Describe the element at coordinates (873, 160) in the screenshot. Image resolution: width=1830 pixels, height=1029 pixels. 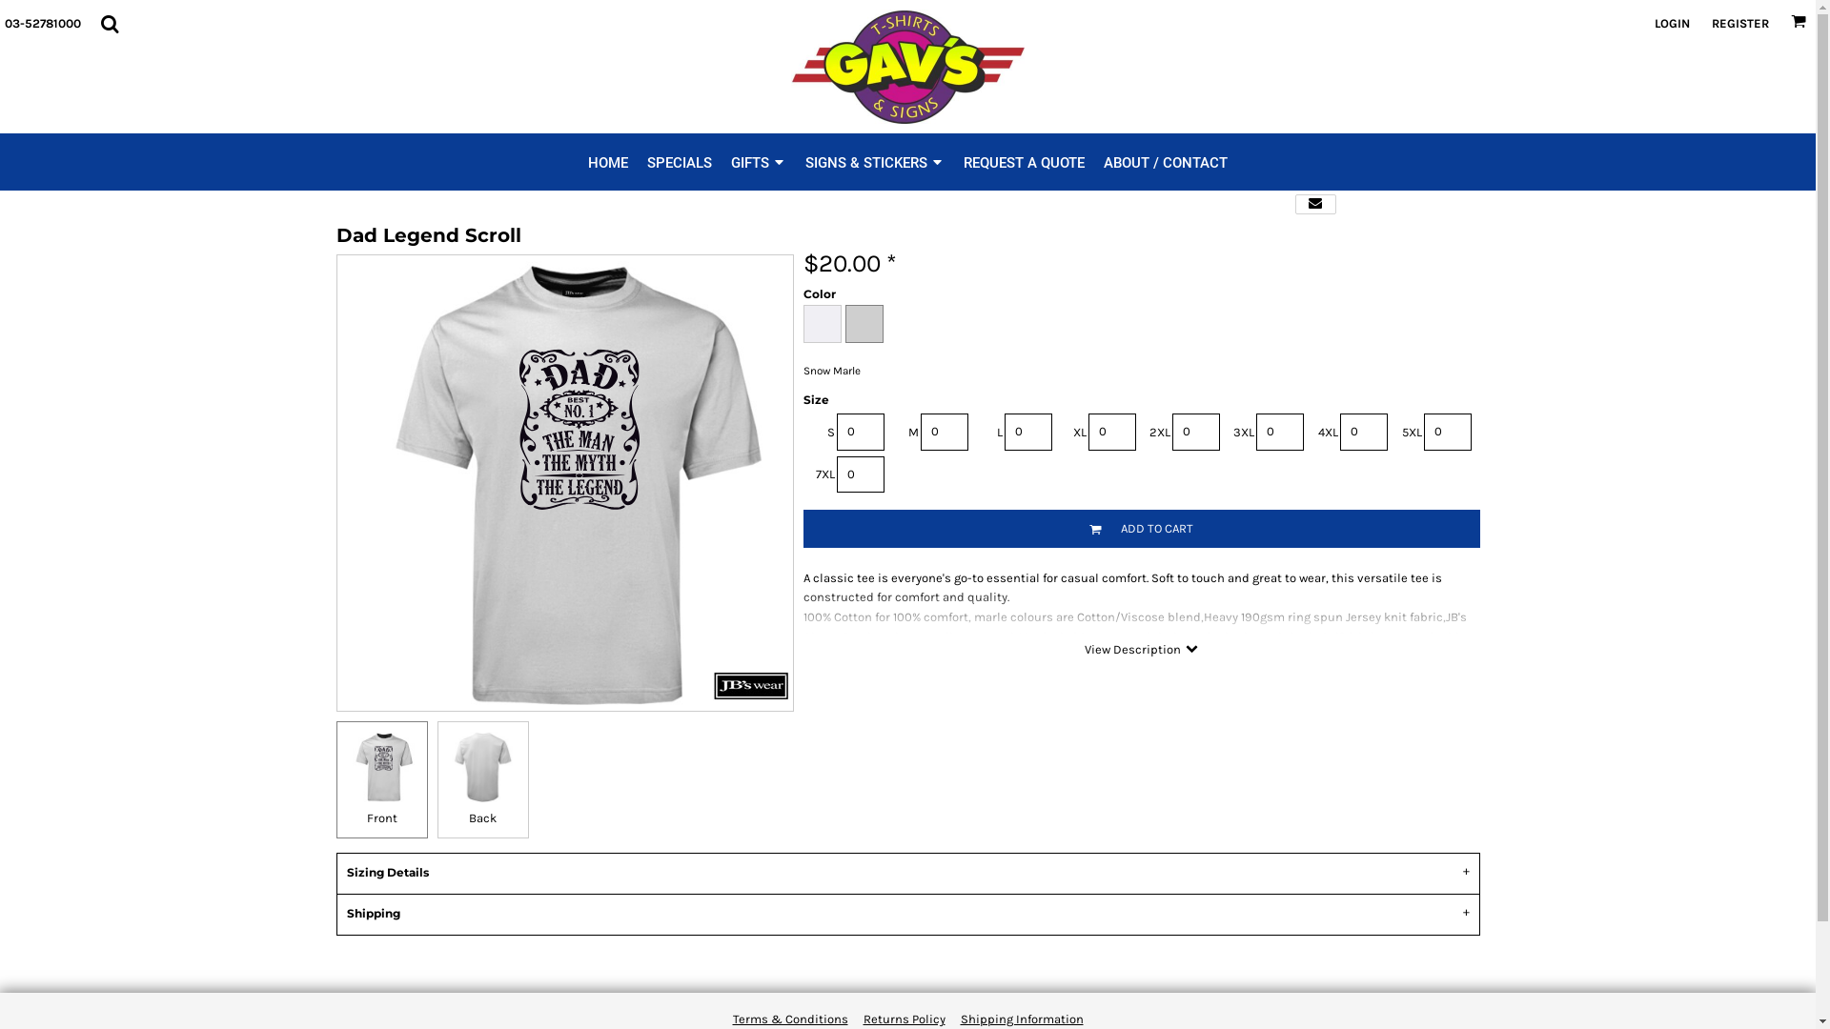
I see `'SIGNS & STICKERS'` at that location.